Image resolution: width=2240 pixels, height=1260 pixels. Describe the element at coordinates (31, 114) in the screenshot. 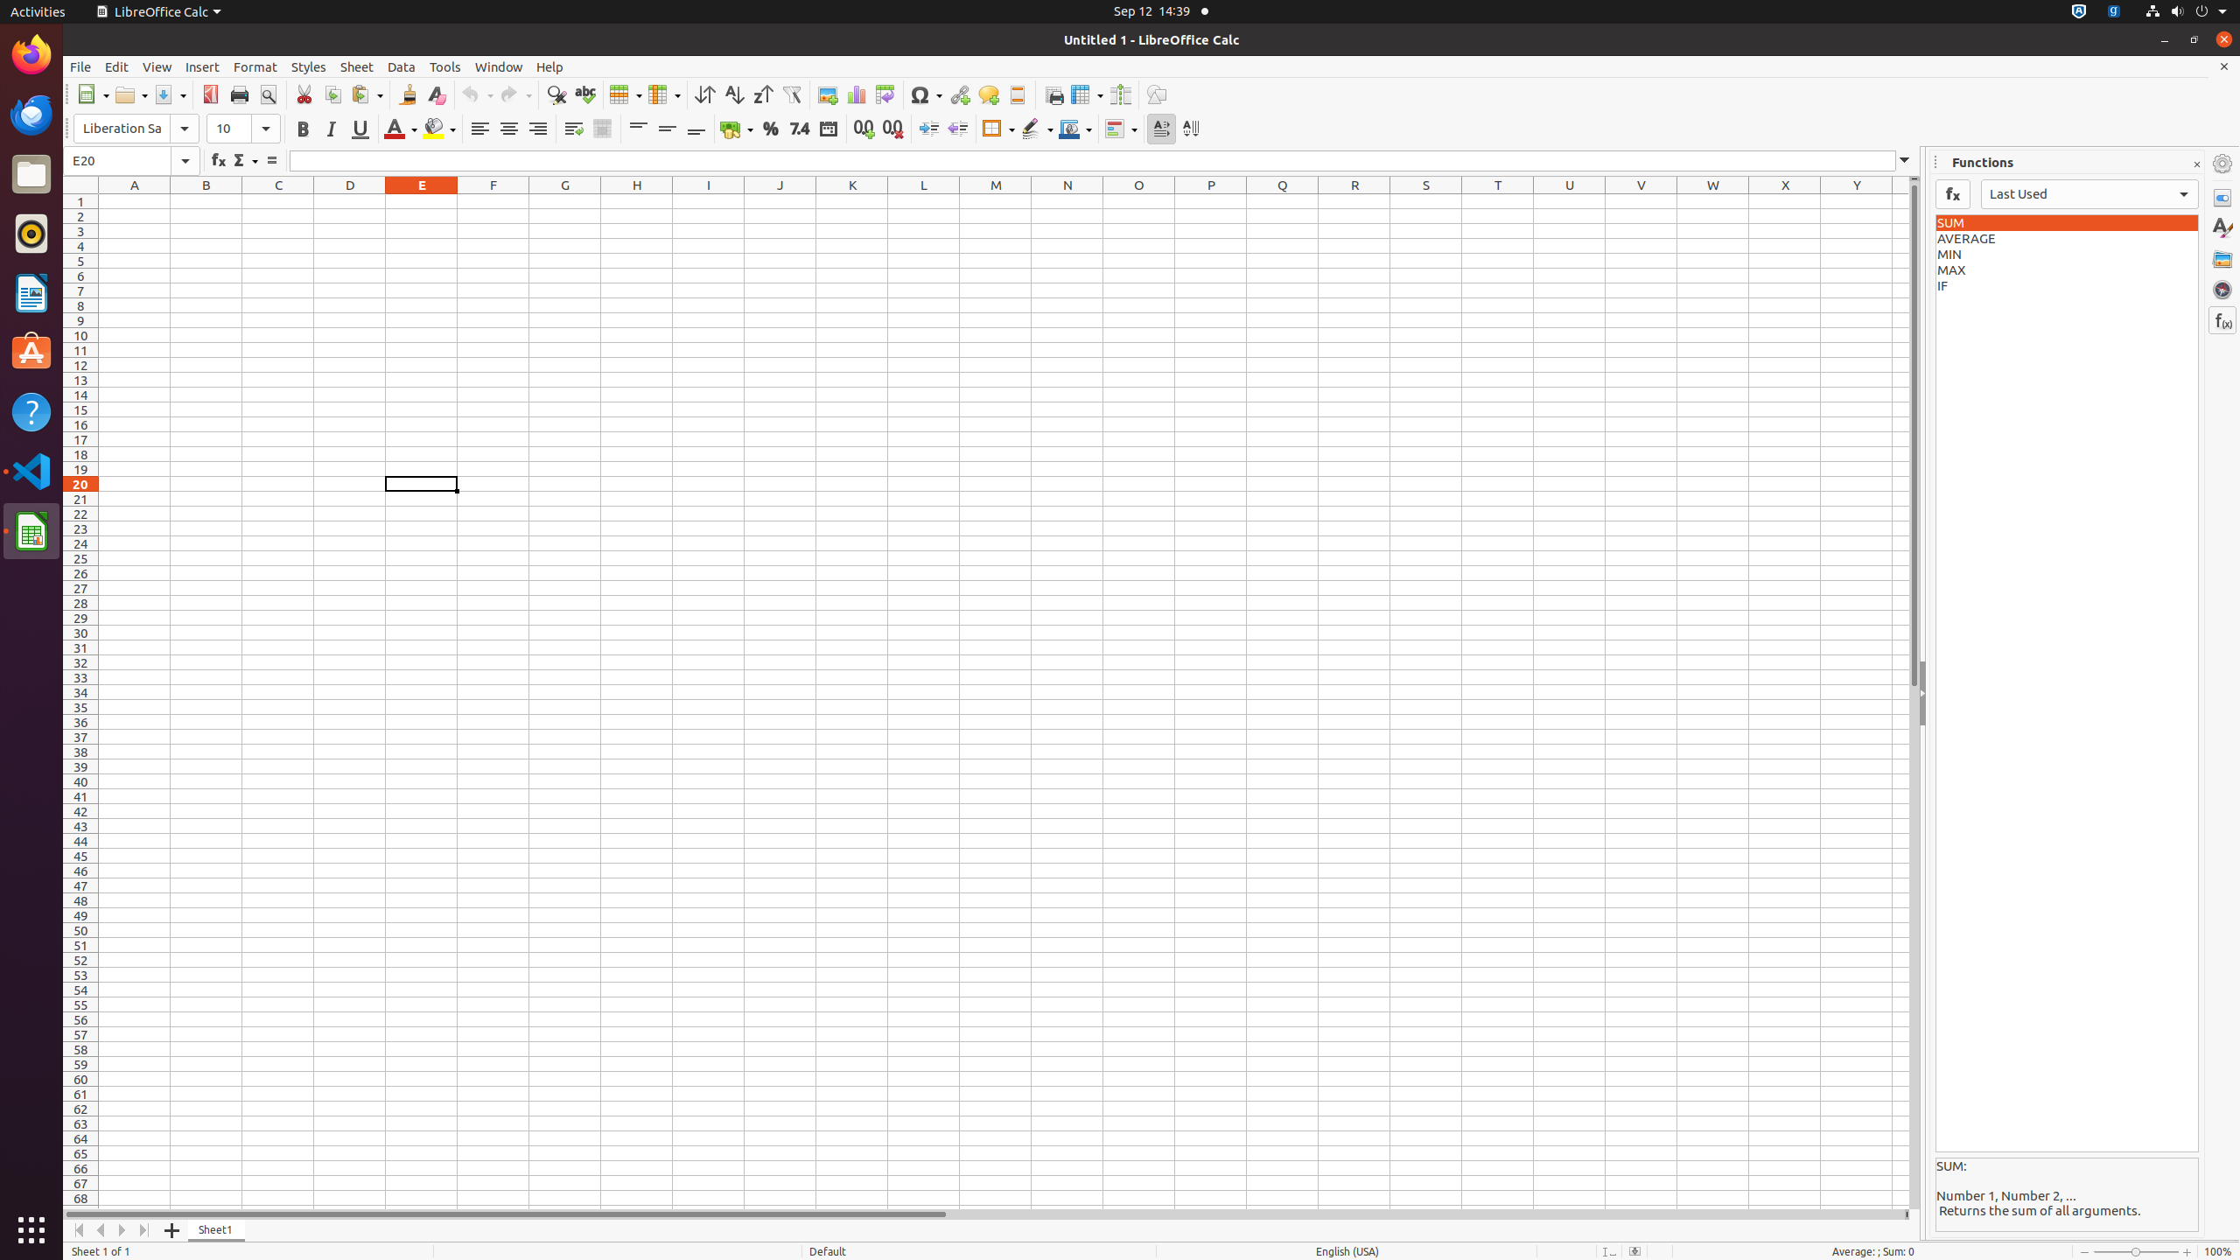

I see `'Thunderbird Mail'` at that location.